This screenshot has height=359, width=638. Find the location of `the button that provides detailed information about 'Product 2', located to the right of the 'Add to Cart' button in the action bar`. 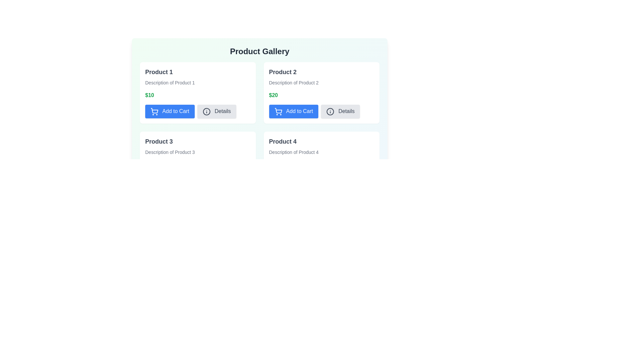

the button that provides detailed information about 'Product 2', located to the right of the 'Add to Cart' button in the action bar is located at coordinates (340, 111).